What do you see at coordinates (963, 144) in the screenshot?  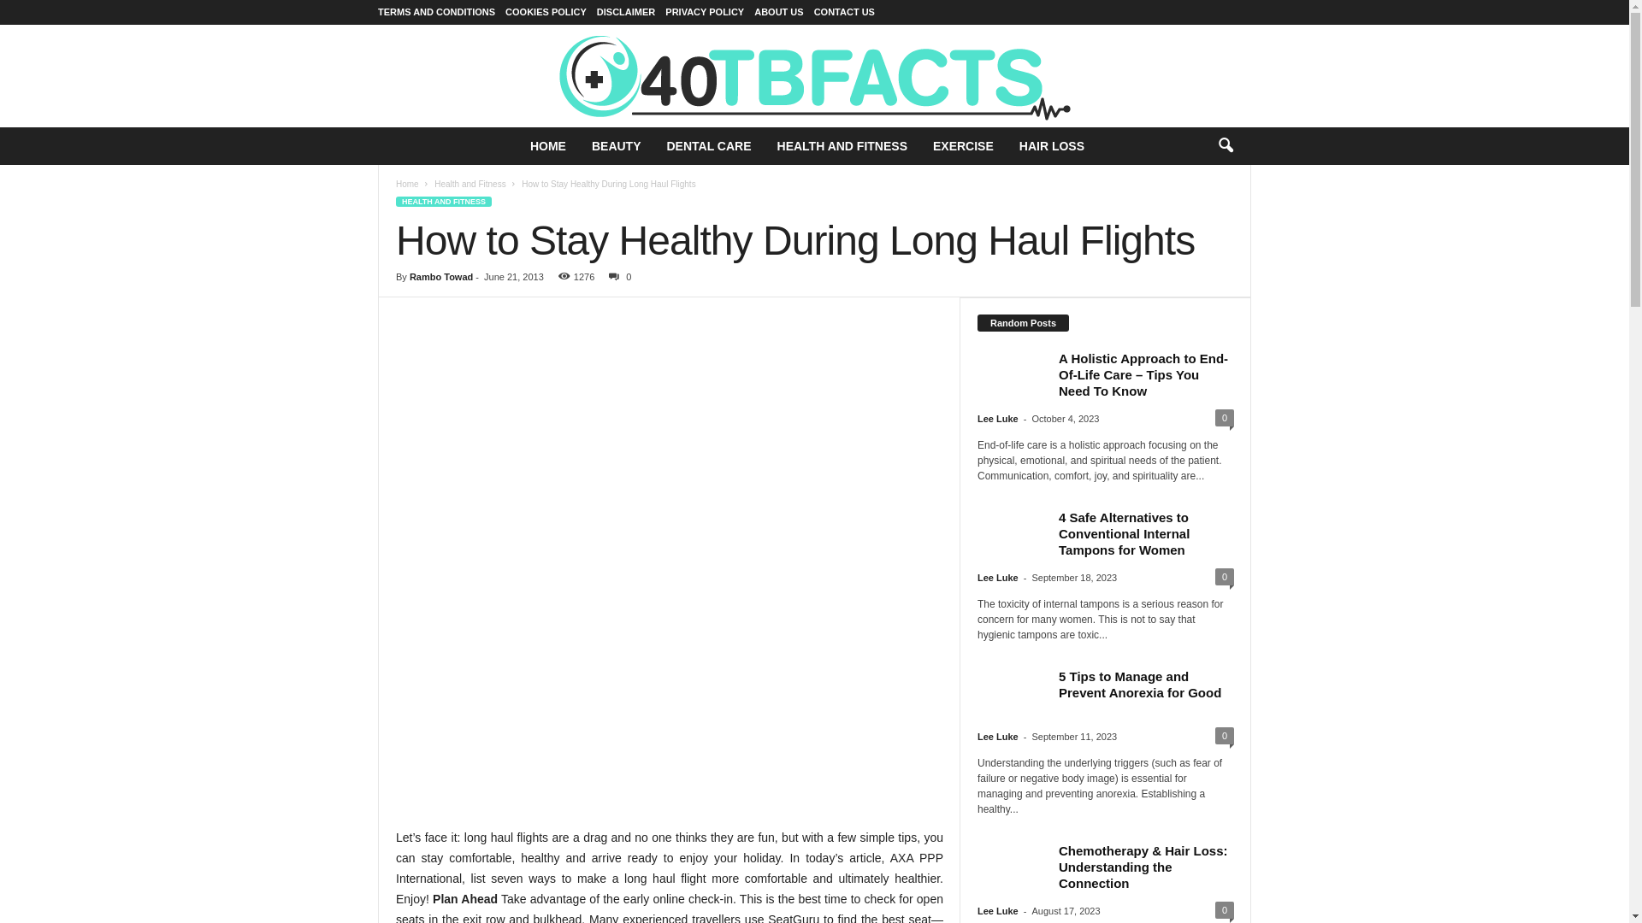 I see `'EXERCISE'` at bounding box center [963, 144].